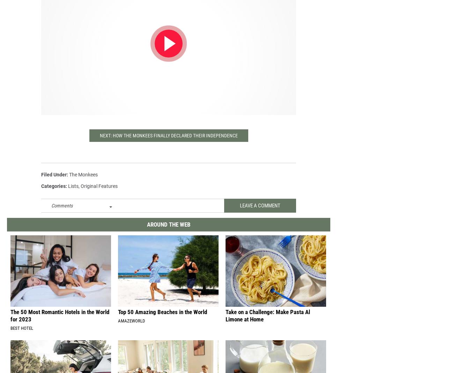 This screenshot has height=373, width=449. What do you see at coordinates (168, 141) in the screenshot?
I see `'Next: How the Monkees Finally Declared Their Independence'` at bounding box center [168, 141].